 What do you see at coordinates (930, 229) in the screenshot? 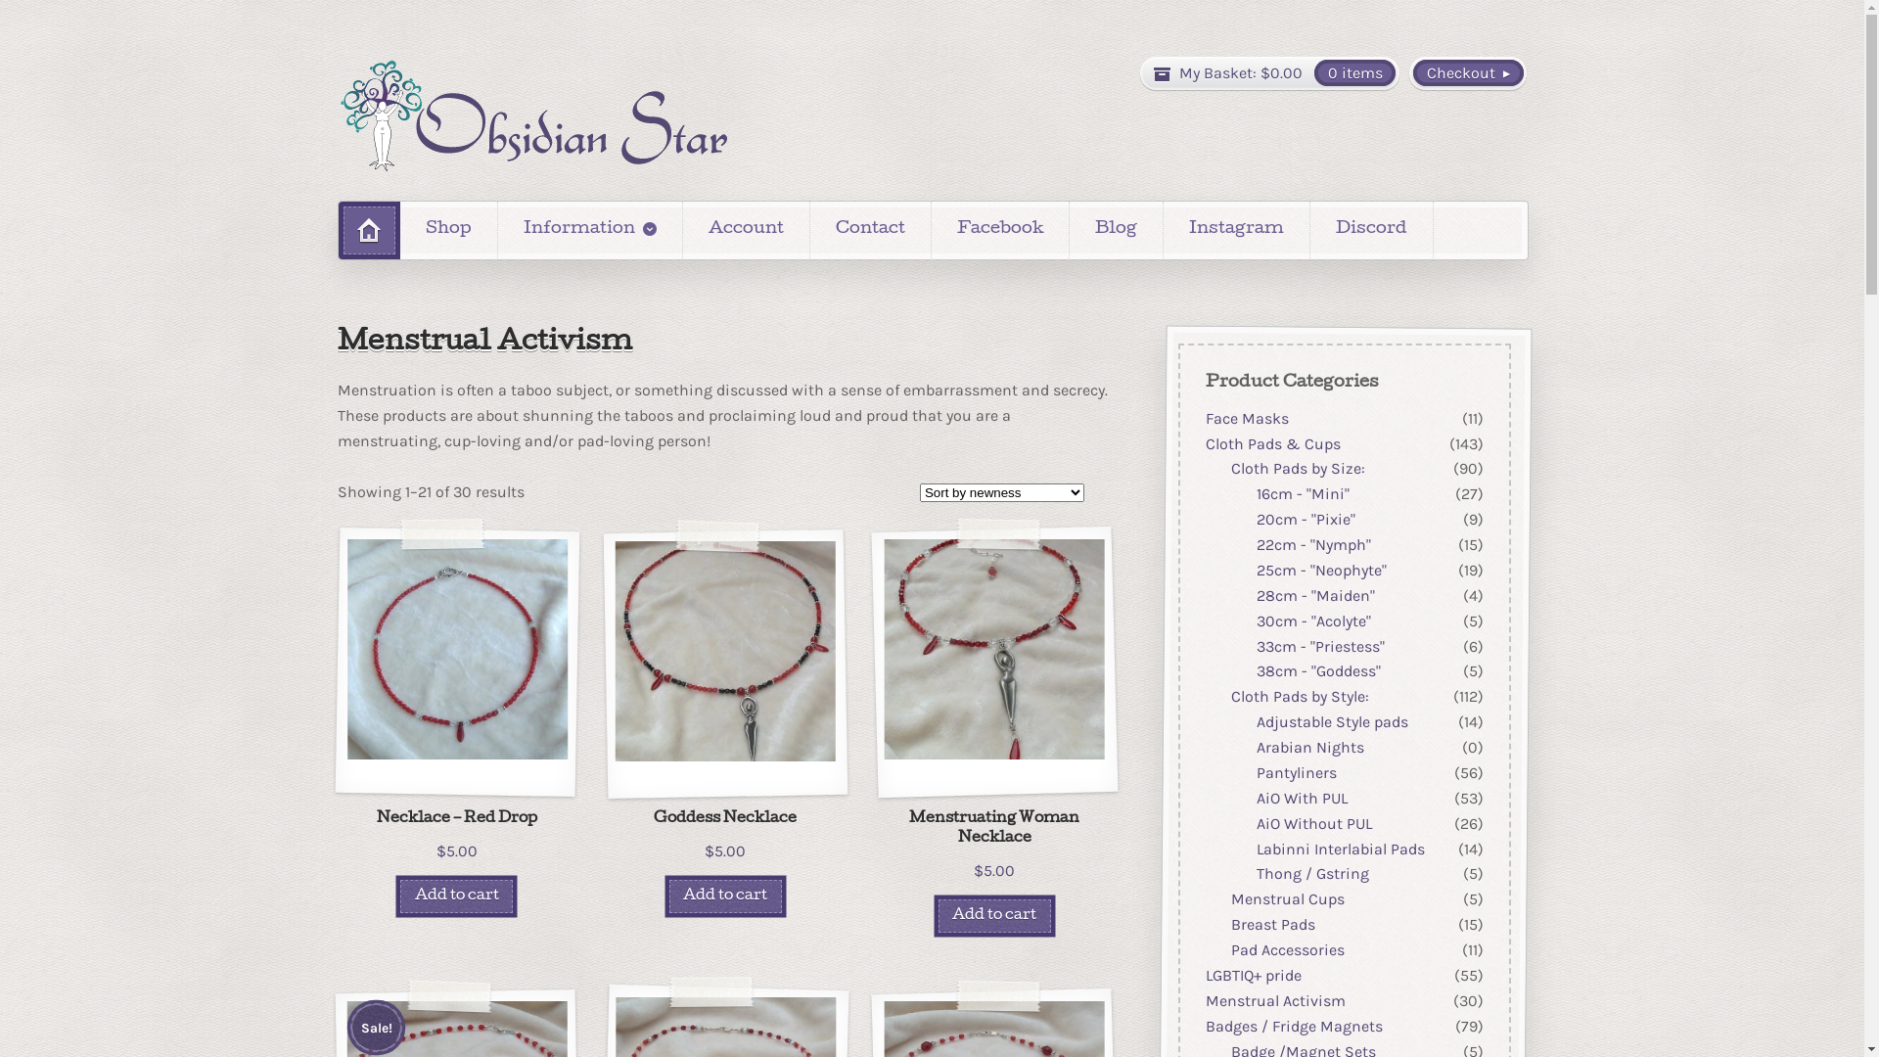
I see `'Facebook'` at bounding box center [930, 229].